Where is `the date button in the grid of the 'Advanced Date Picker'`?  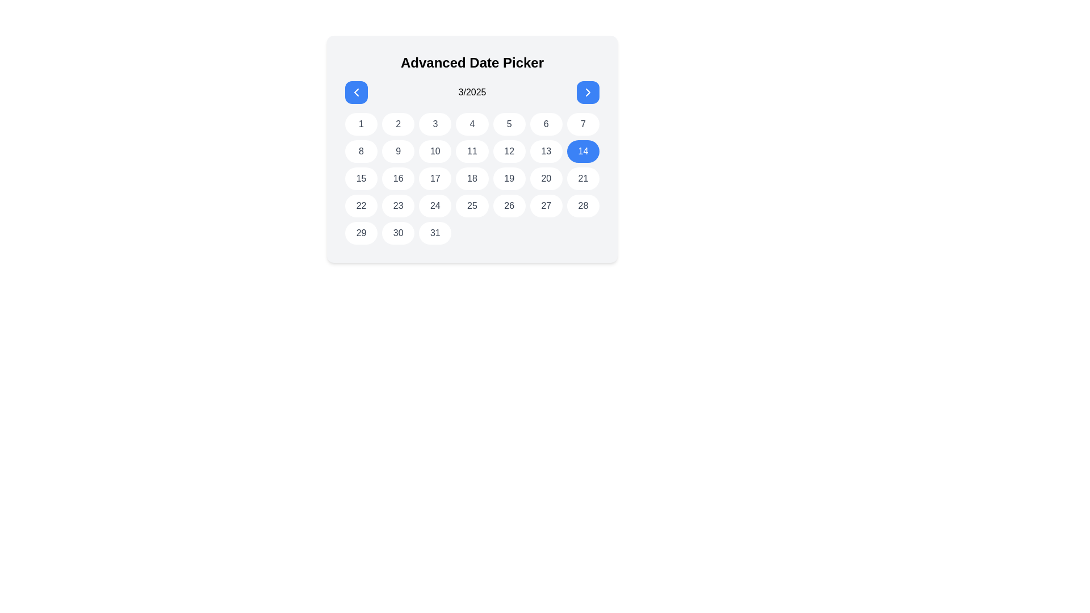
the date button in the grid of the 'Advanced Date Picker' is located at coordinates (472, 179).